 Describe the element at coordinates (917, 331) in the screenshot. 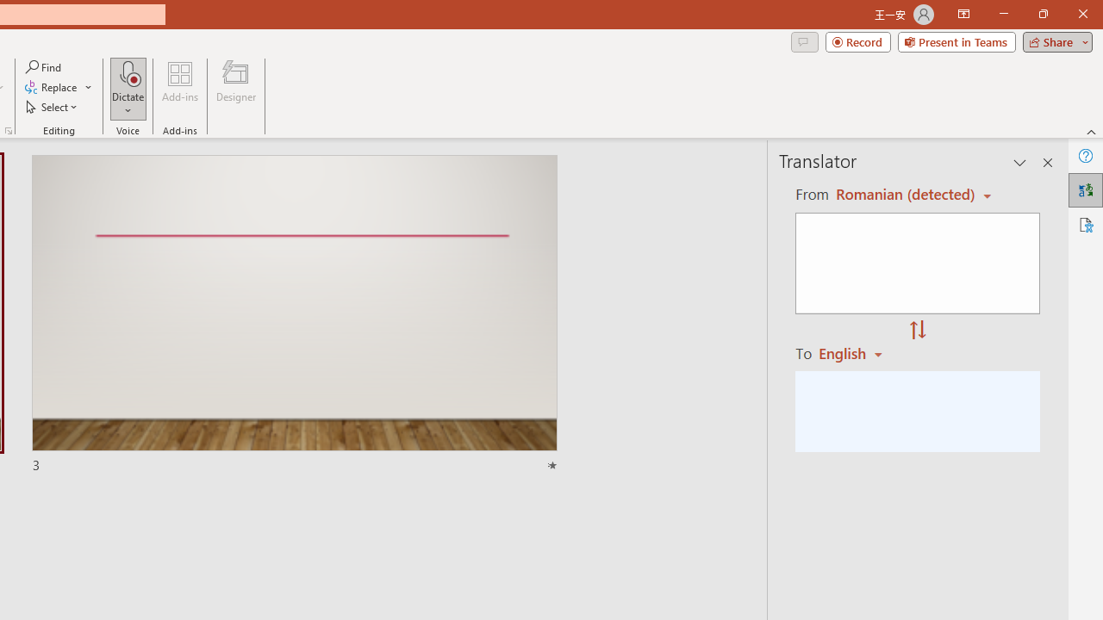

I see `'Swap "from" and "to" languages.'` at that location.